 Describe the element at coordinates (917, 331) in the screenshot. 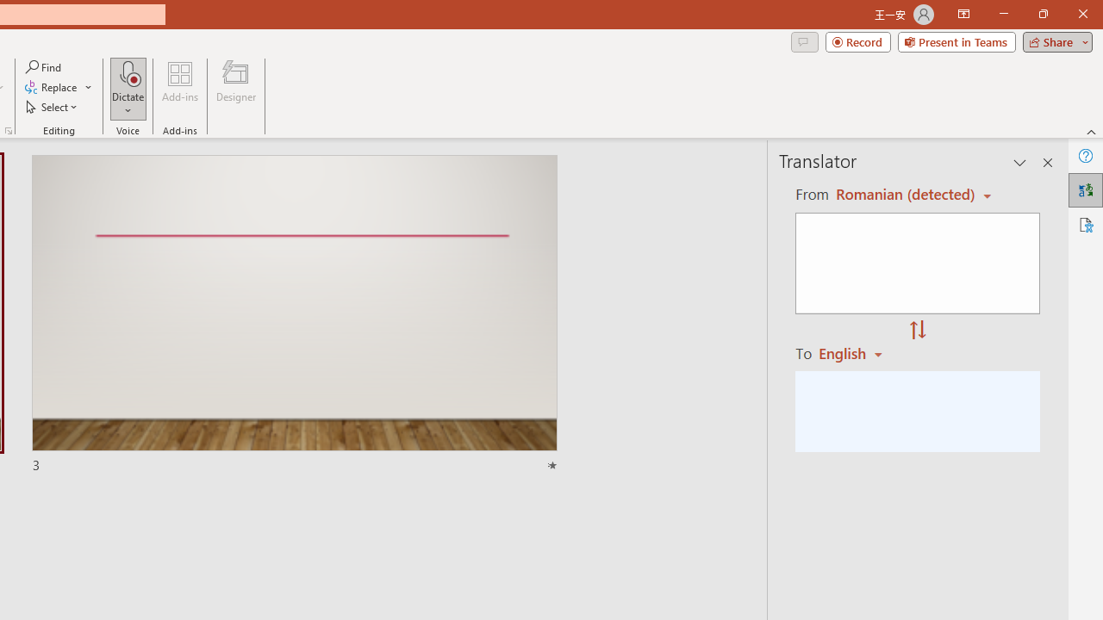

I see `'Swap "from" and "to" languages.'` at that location.